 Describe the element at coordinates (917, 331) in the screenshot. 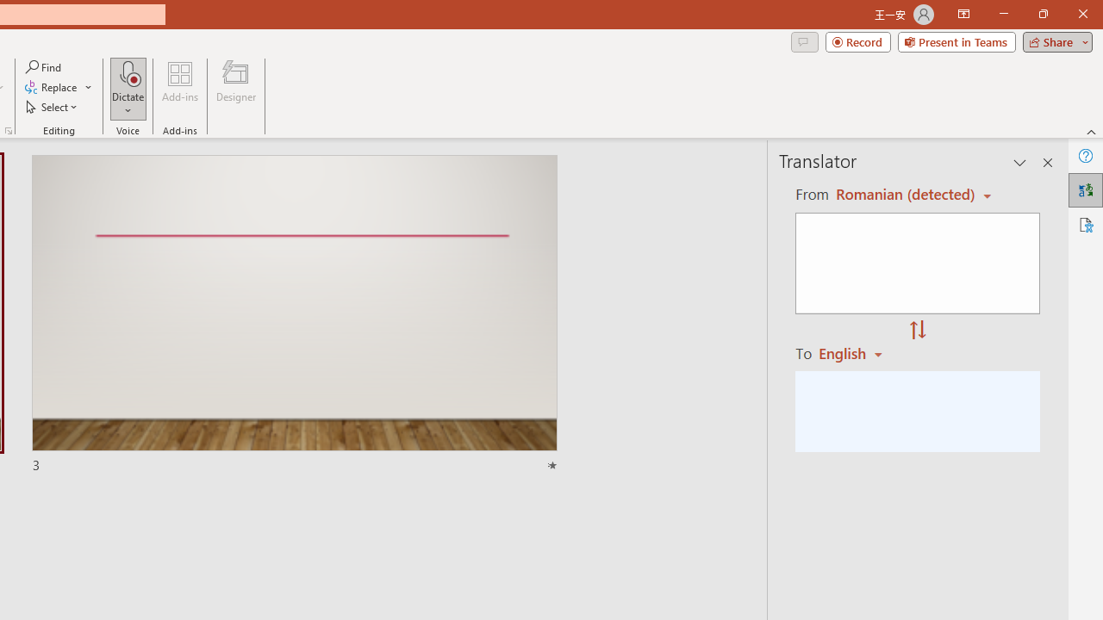

I see `'Swap "from" and "to" languages.'` at that location.